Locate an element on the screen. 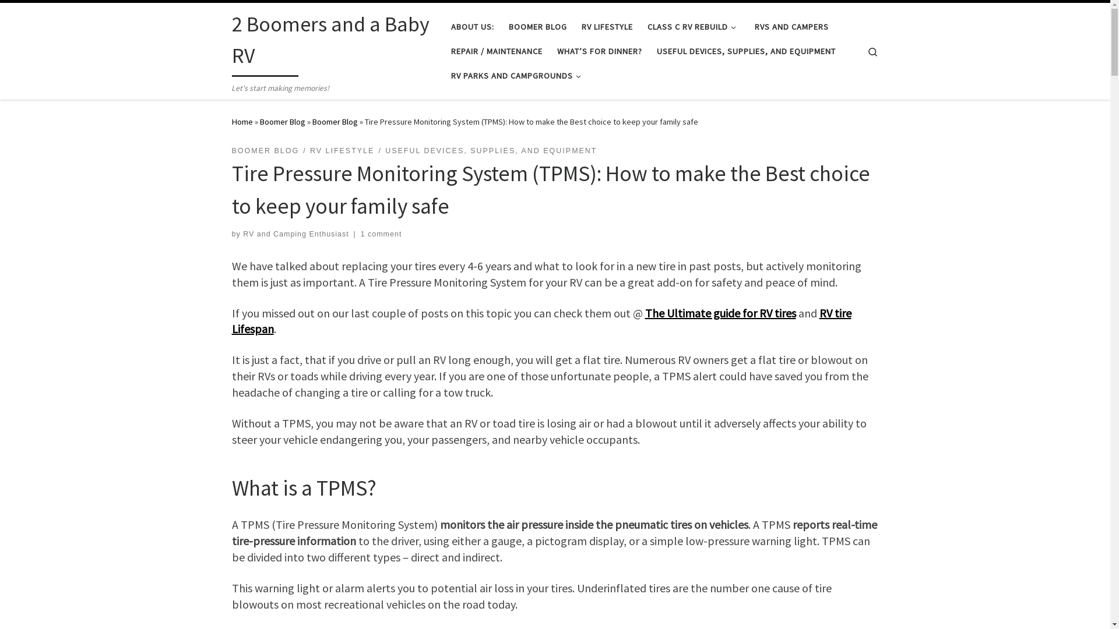  'RVS AND CAMPERS' is located at coordinates (751, 26).